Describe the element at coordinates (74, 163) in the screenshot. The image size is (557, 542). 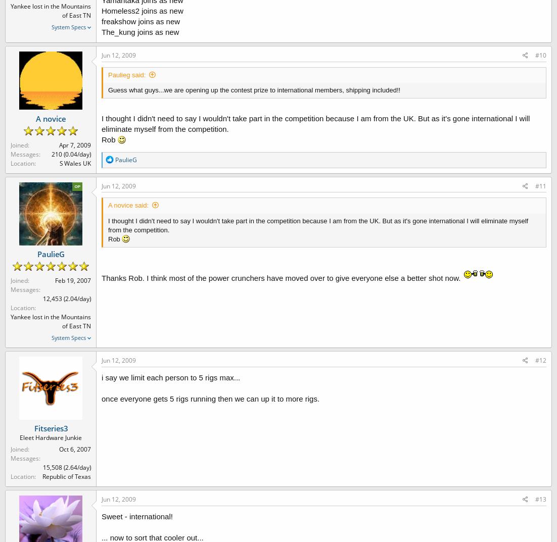
I see `'S Wales UK'` at that location.